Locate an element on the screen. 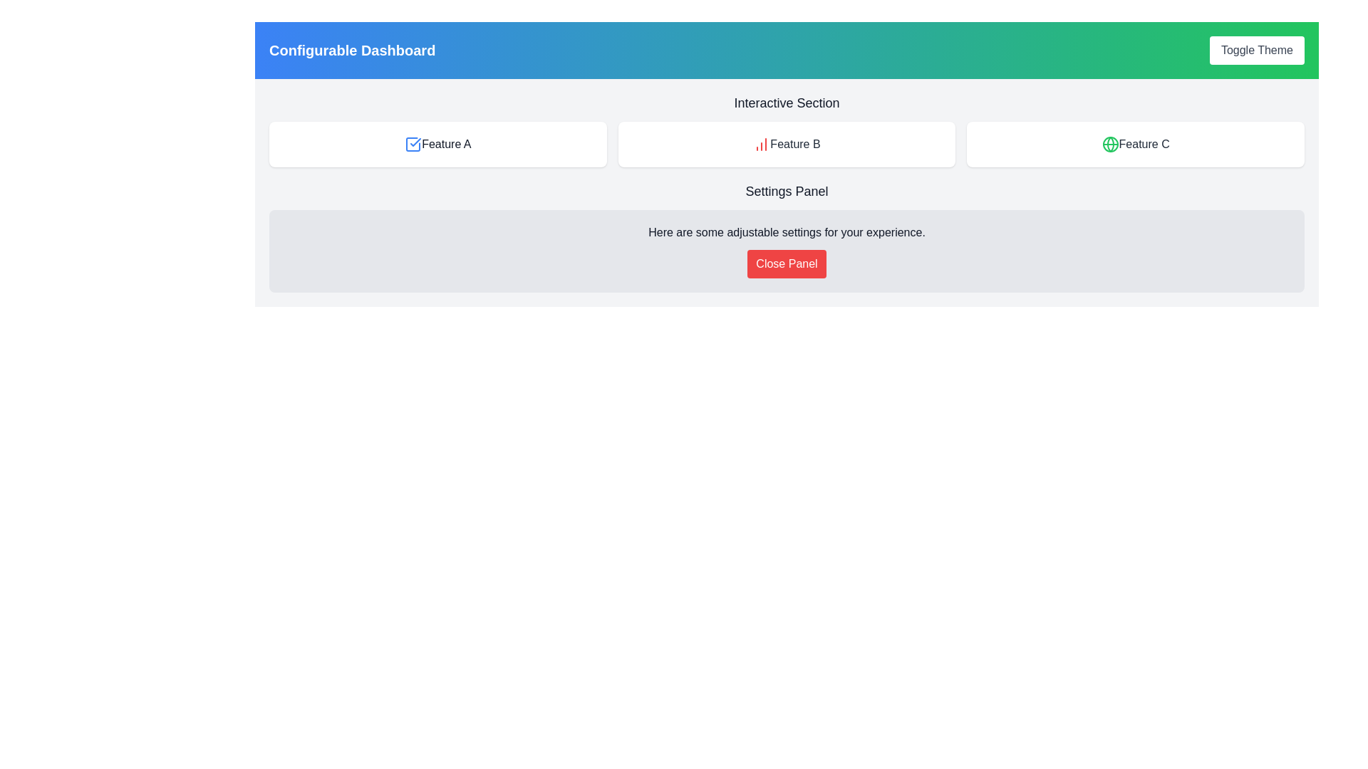 The height and width of the screenshot is (769, 1368). text content of the heading label positioned at the top of the section containing interactive features, which categorizes the elements beneath it is located at coordinates (786, 103).